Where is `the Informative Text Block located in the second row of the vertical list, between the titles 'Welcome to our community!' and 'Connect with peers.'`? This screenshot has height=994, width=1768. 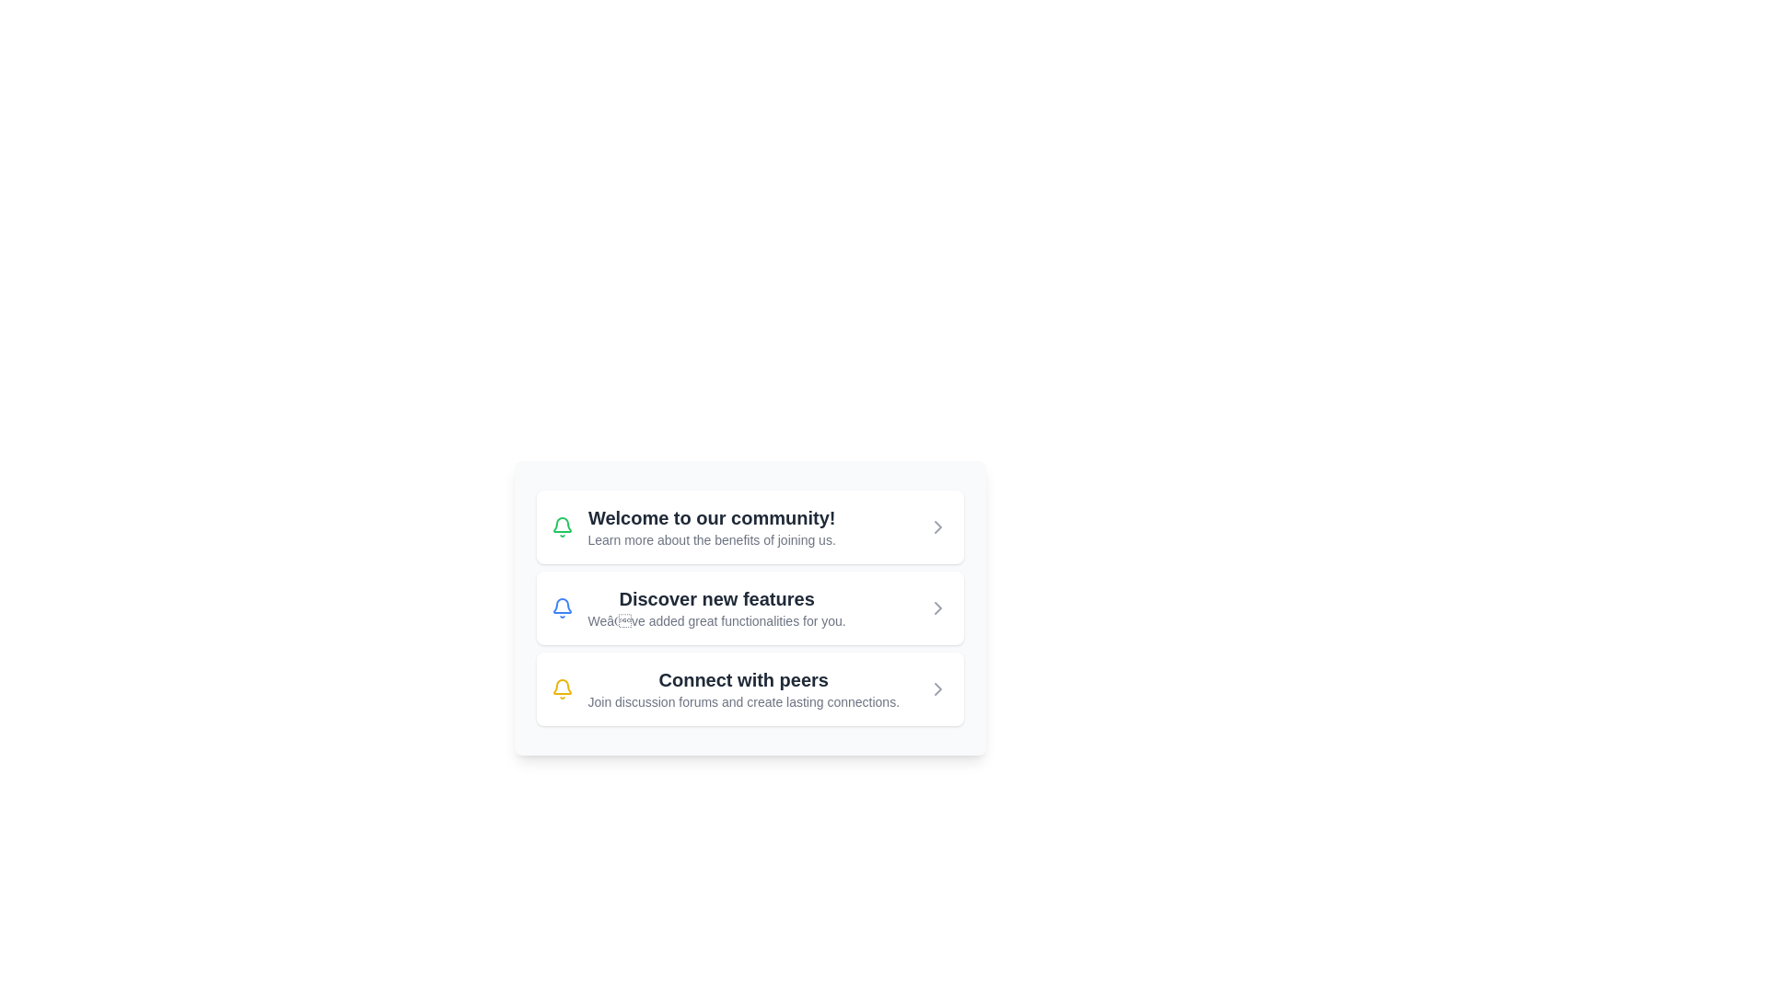
the Informative Text Block located in the second row of the vertical list, between the titles 'Welcome to our community!' and 'Connect with peers.' is located at coordinates (715, 607).